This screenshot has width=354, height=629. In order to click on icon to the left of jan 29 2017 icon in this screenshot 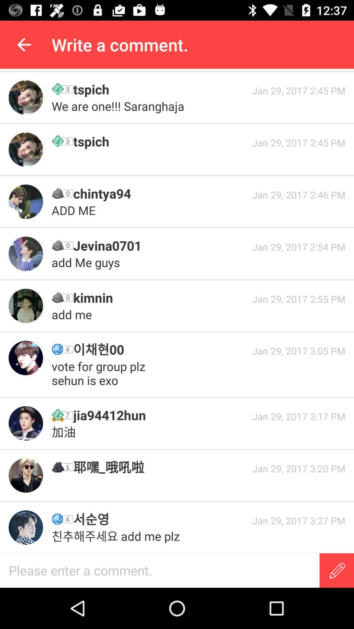, I will do `click(160, 349)`.